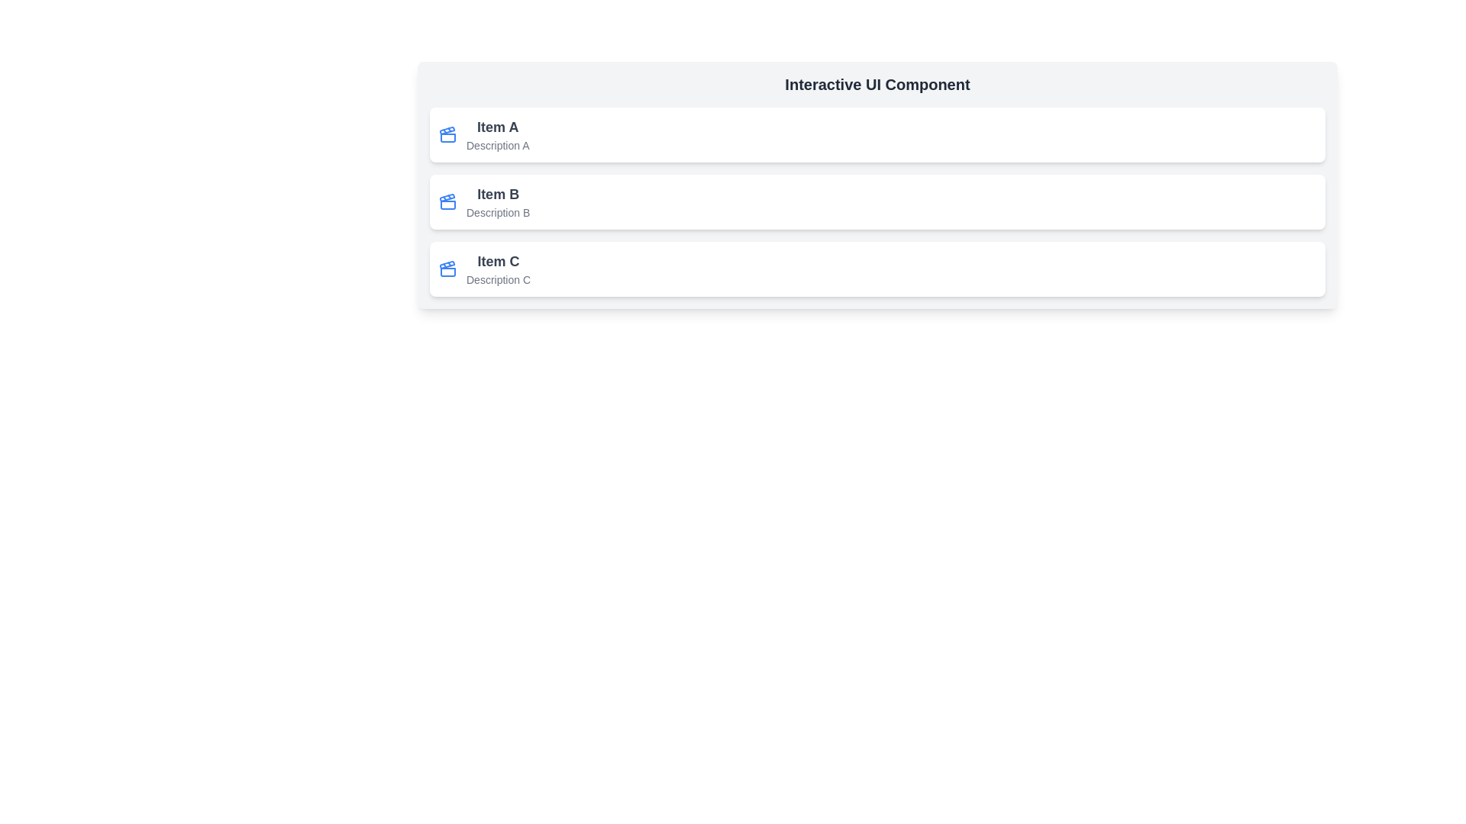 This screenshot has width=1466, height=824. What do you see at coordinates (498, 269) in the screenshot?
I see `the third list item titled 'Item C'` at bounding box center [498, 269].